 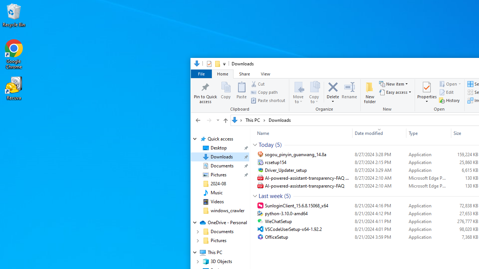 What do you see at coordinates (218, 175) in the screenshot?
I see `'Pictures (pinned)'` at bounding box center [218, 175].